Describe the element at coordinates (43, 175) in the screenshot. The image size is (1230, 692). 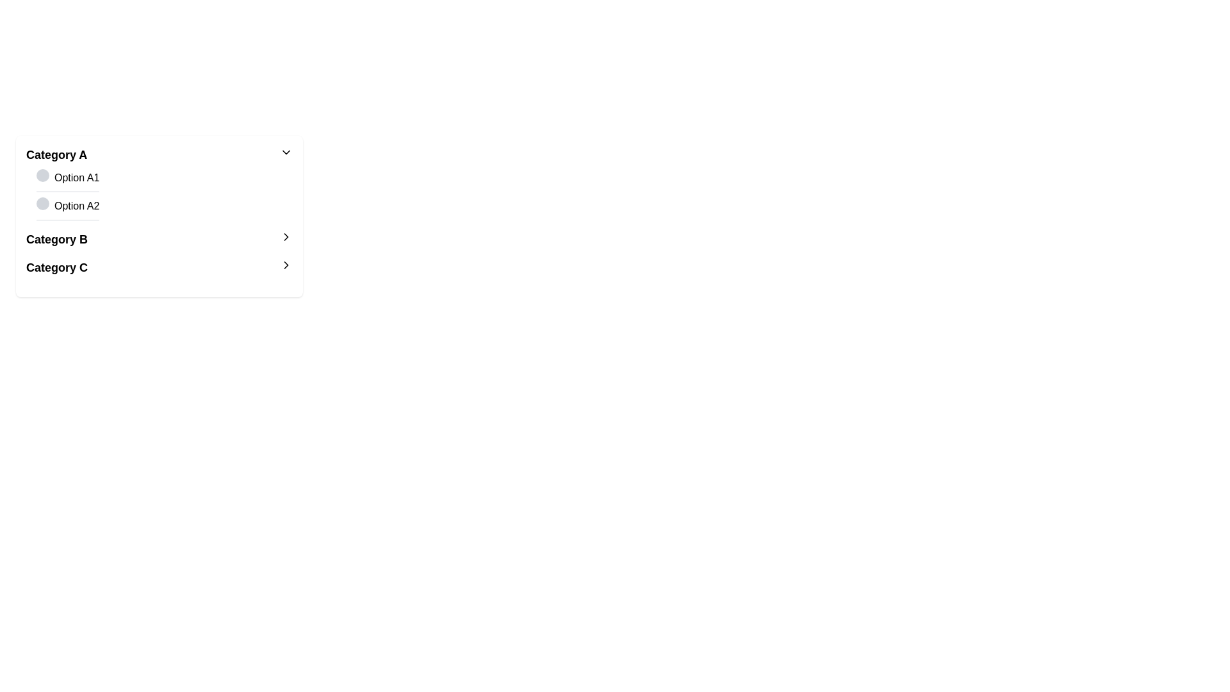
I see `the gray circular icon located next to the text 'Option A1' under the 'Category A' menu to use it as a reference for the corresponding textual option` at that location.